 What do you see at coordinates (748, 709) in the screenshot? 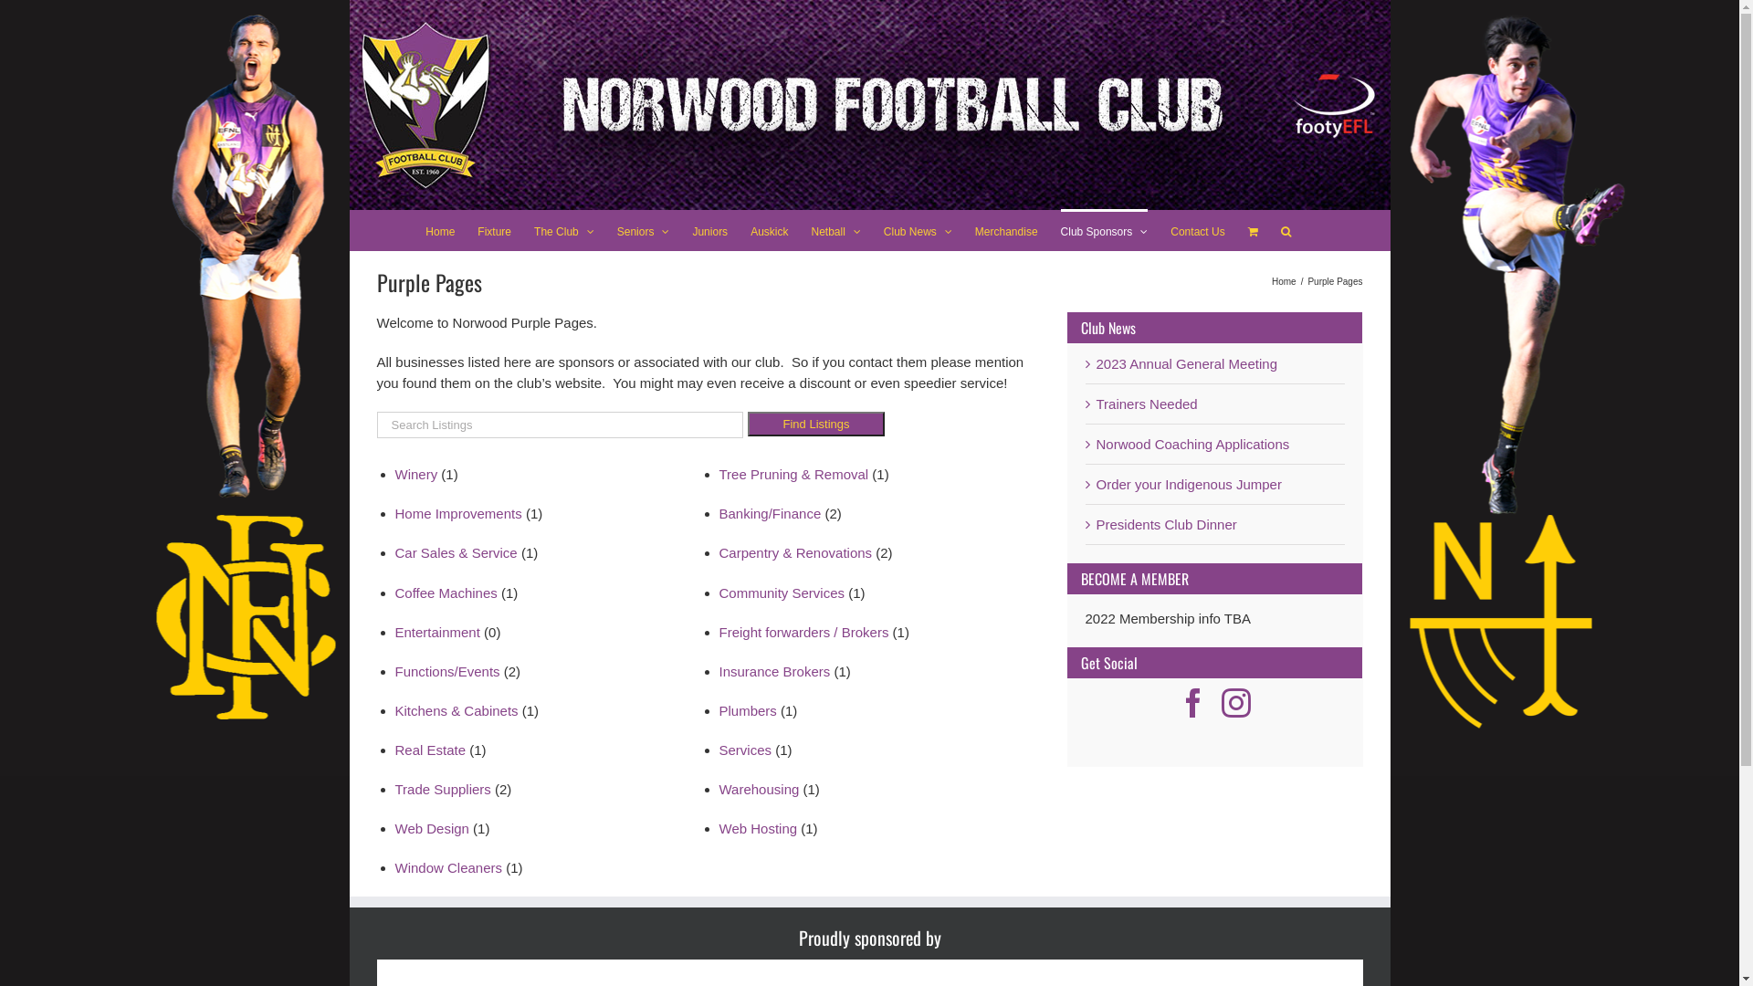
I see `'Plumbers'` at bounding box center [748, 709].